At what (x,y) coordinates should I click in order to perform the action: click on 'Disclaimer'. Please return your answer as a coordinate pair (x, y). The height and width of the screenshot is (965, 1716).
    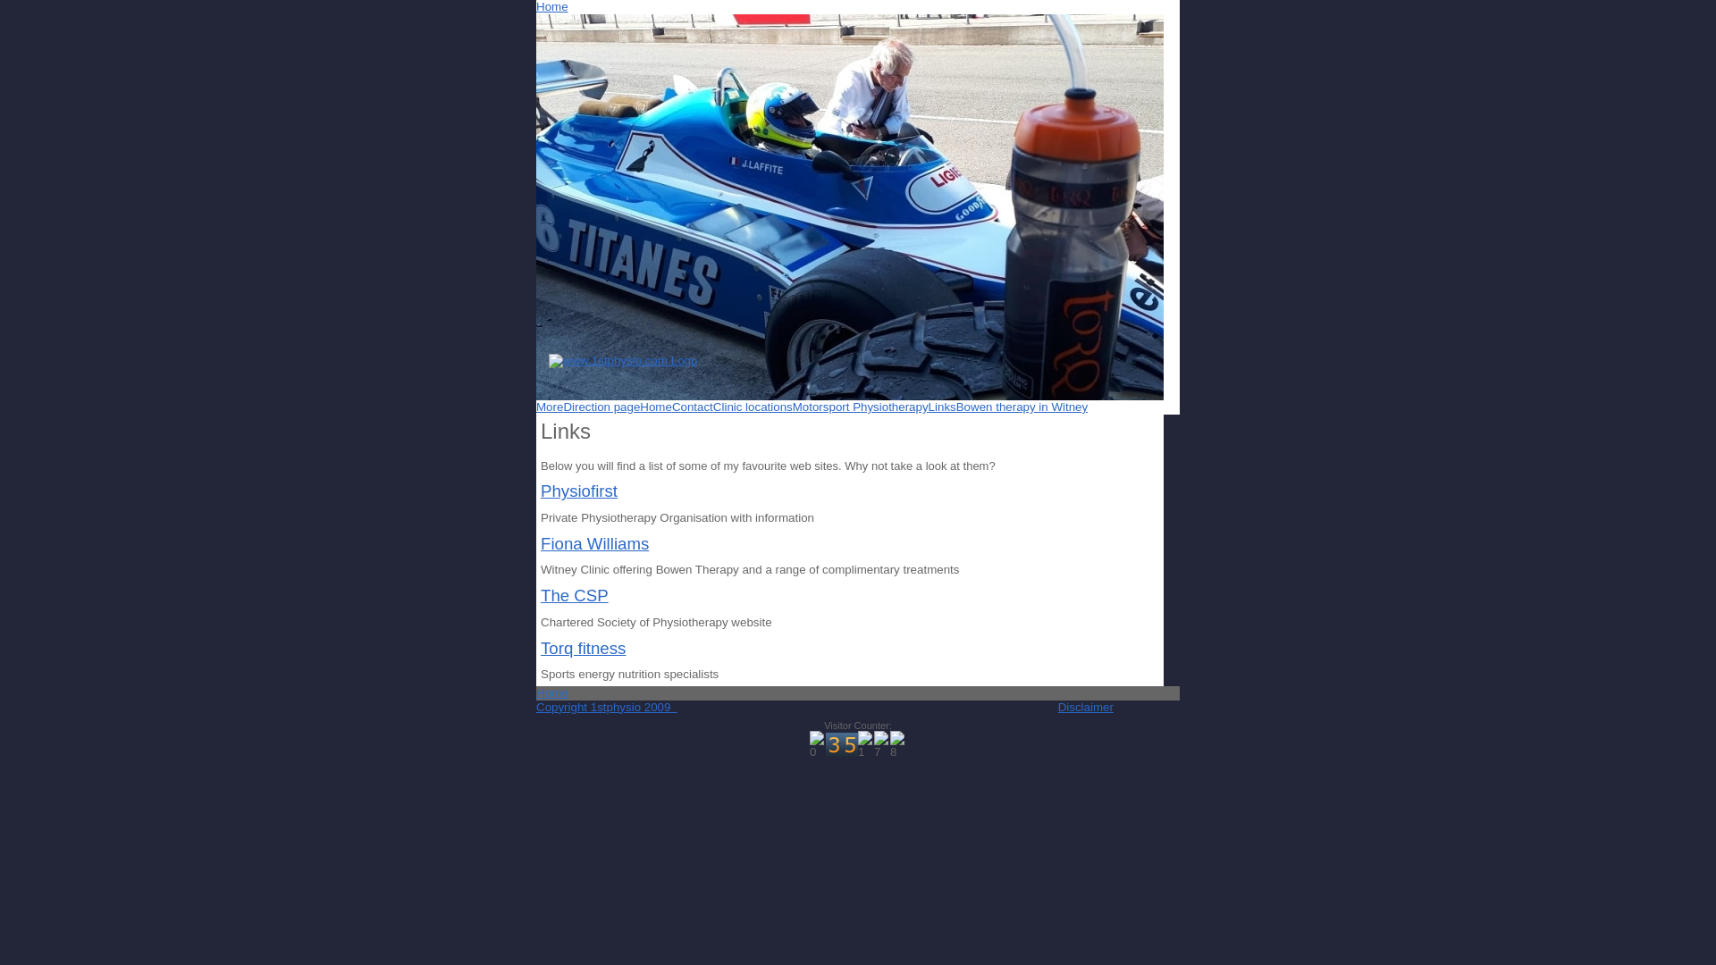
    Looking at the image, I should click on (1084, 706).